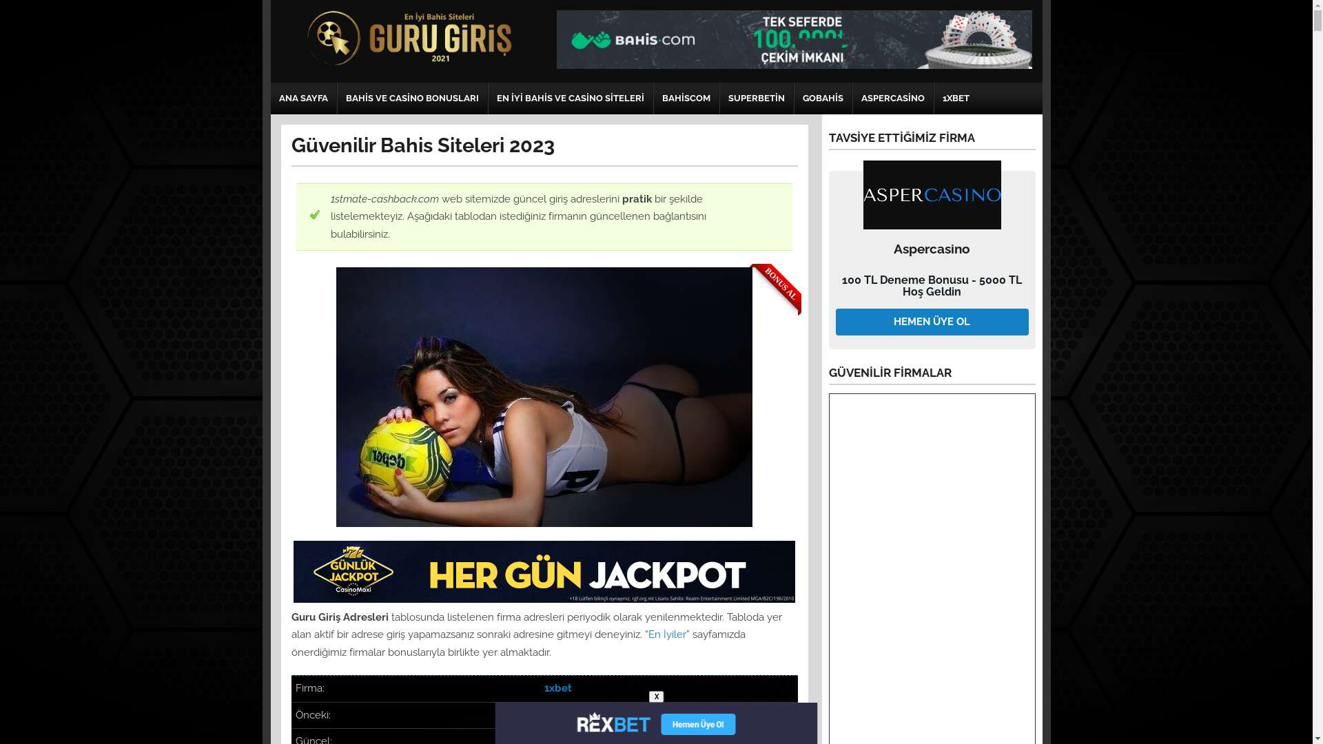  I want to click on 'ASPERCASINO', so click(893, 97).